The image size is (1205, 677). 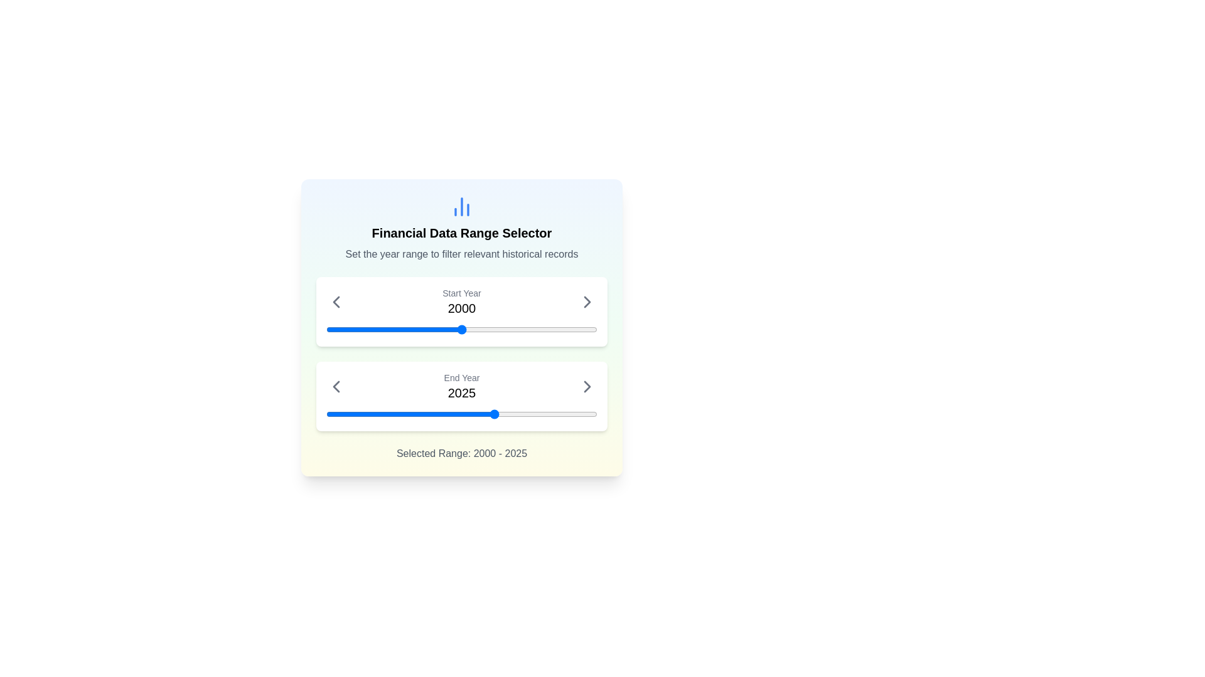 What do you see at coordinates (334, 328) in the screenshot?
I see `the start year of the range` at bounding box center [334, 328].